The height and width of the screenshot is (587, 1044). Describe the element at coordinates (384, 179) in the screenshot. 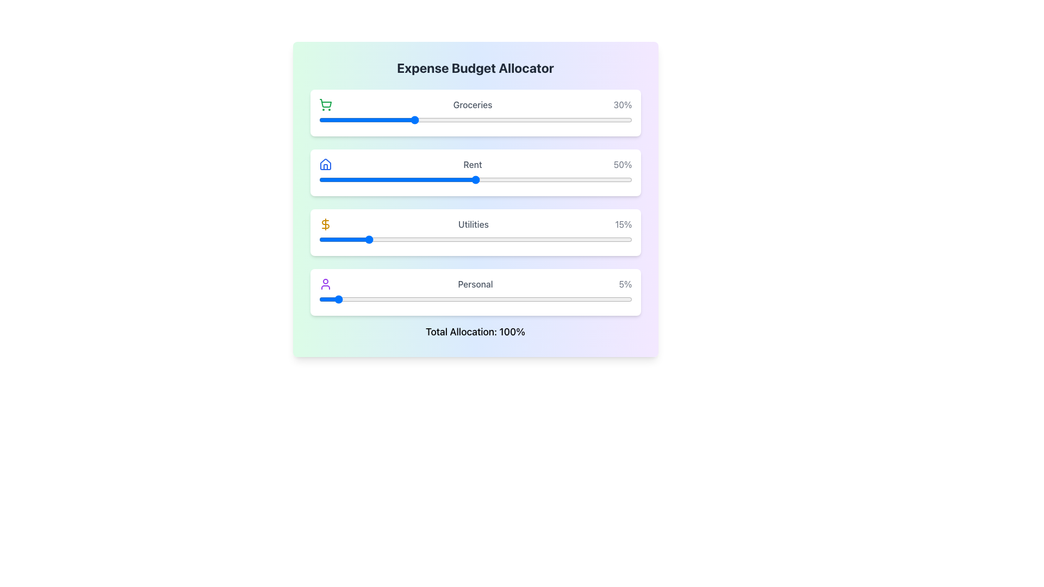

I see `the rent allocation` at that location.